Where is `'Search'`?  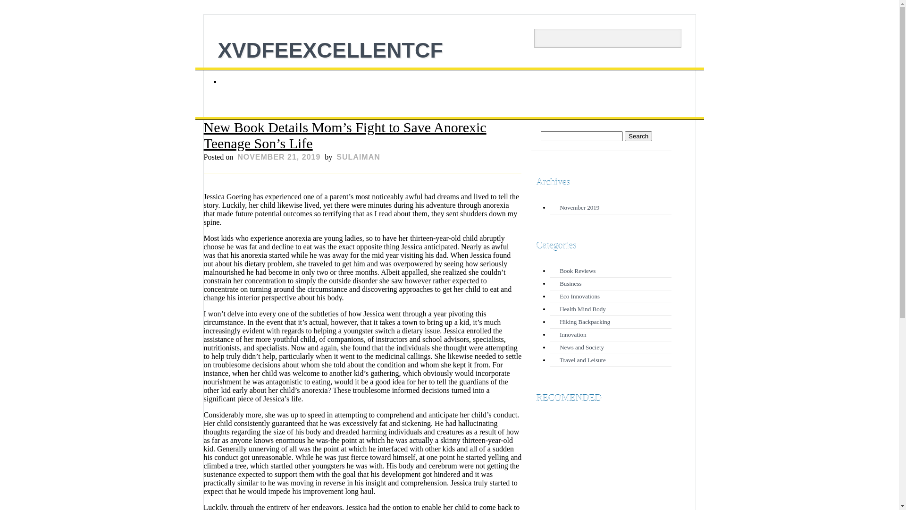
'Search' is located at coordinates (638, 136).